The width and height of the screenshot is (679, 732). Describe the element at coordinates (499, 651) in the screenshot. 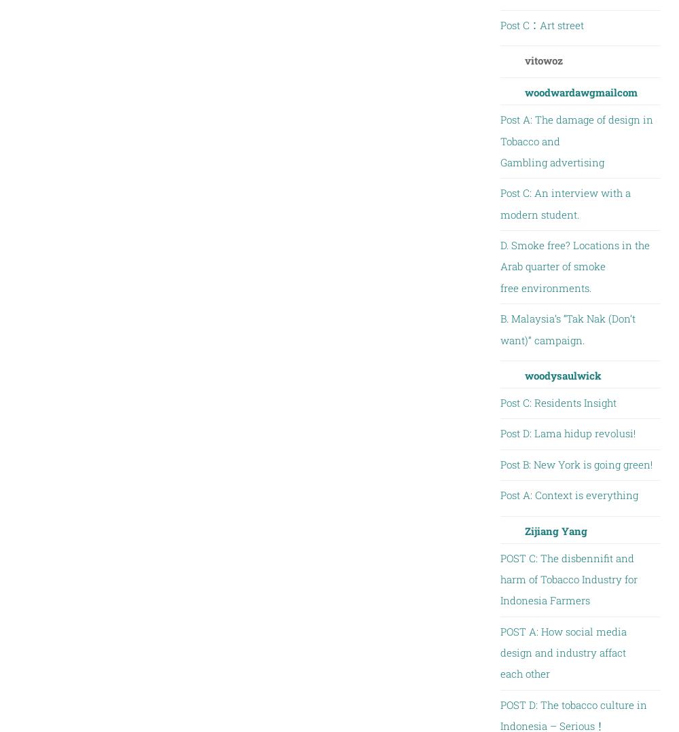

I see `'POST A: How social media design and industry affact each other'` at that location.